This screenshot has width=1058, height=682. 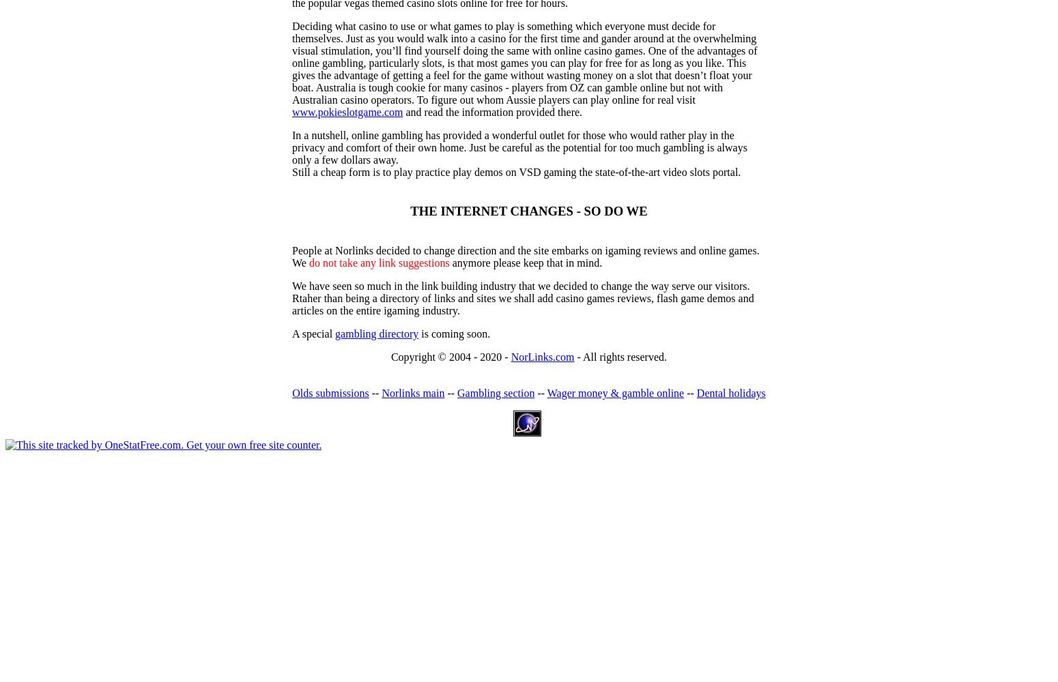 I want to click on 'gambling directory', so click(x=334, y=333).